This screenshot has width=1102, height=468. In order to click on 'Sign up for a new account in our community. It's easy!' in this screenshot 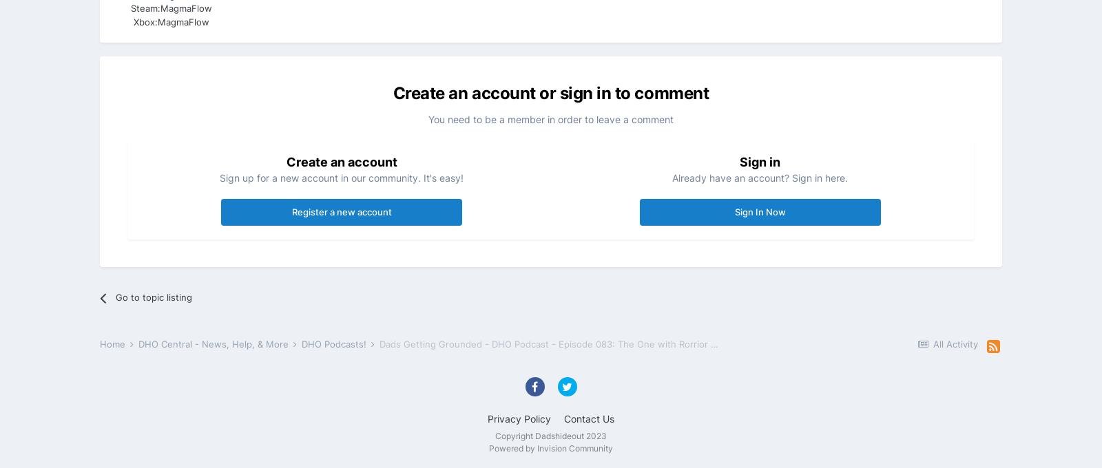, I will do `click(341, 177)`.